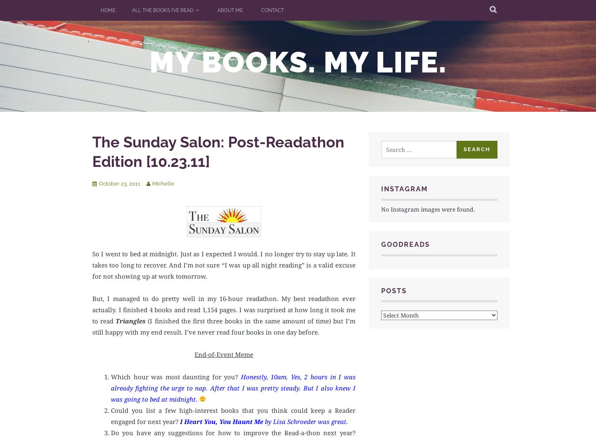 This screenshot has width=596, height=441. I want to click on 'Goodreads', so click(405, 244).